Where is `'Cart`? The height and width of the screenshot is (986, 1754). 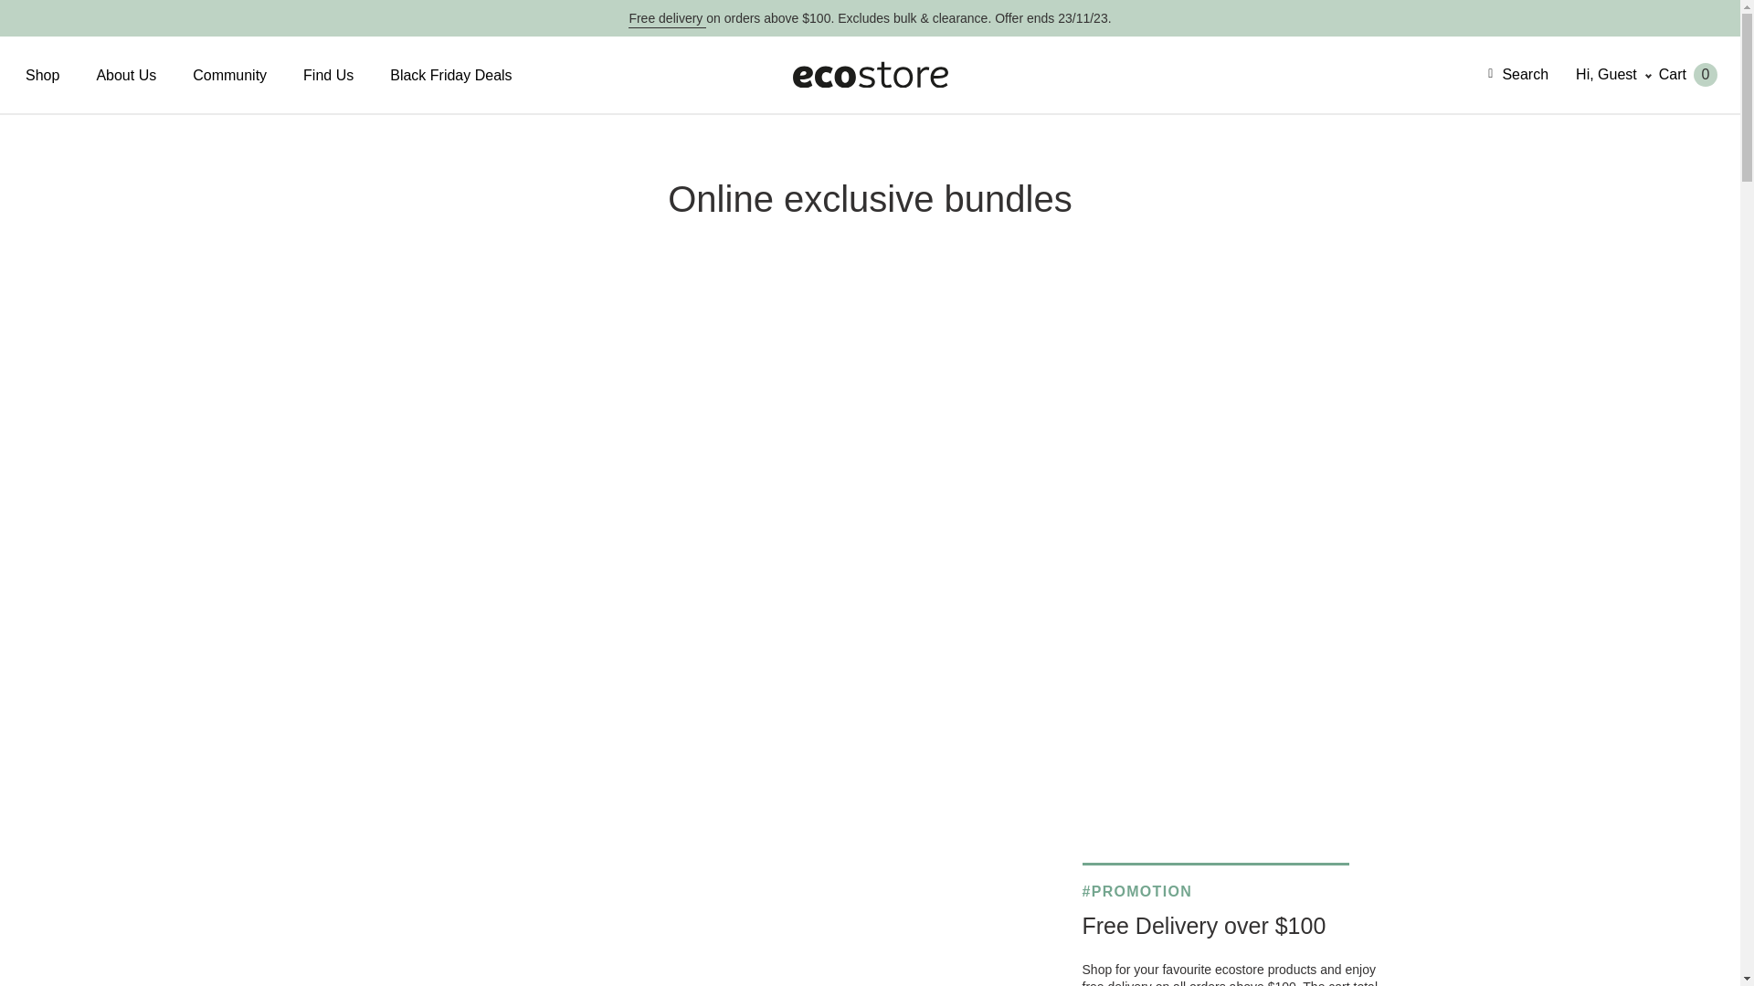 'Cart is located at coordinates (1658, 73).